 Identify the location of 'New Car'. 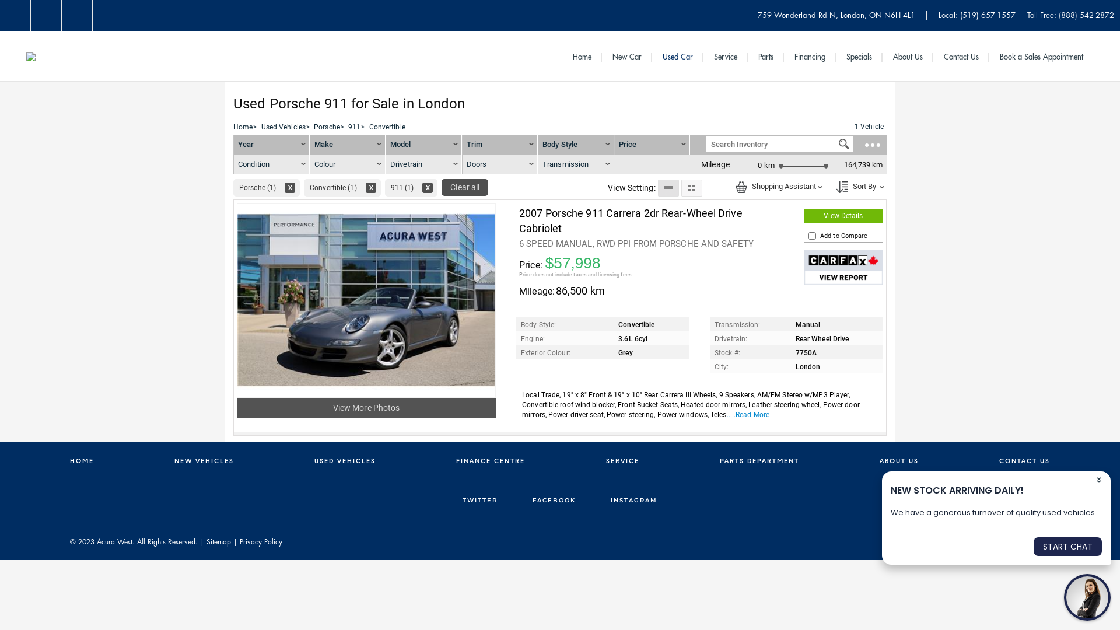
(626, 57).